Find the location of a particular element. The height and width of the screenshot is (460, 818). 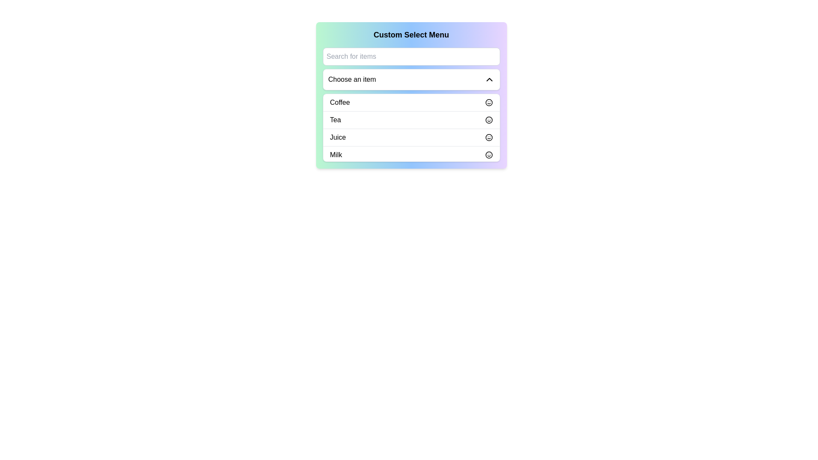

the label/text display that shows the current selection in the dropdown menu is located at coordinates (352, 79).